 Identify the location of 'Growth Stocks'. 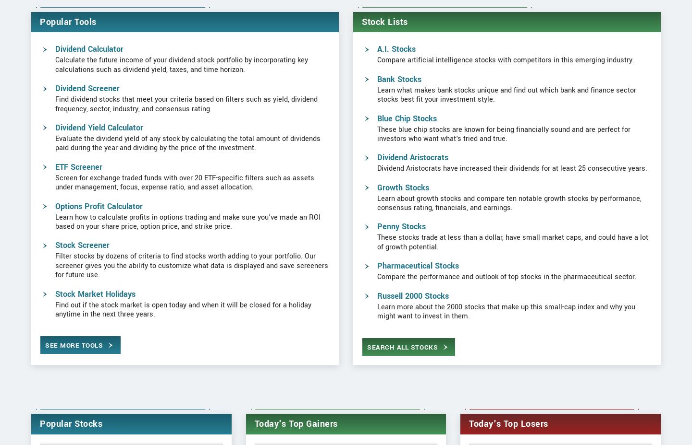
(403, 218).